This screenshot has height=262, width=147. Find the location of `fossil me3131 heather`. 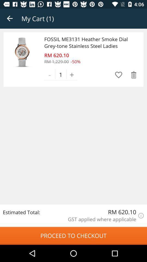

fossil me3131 heather is located at coordinates (89, 42).